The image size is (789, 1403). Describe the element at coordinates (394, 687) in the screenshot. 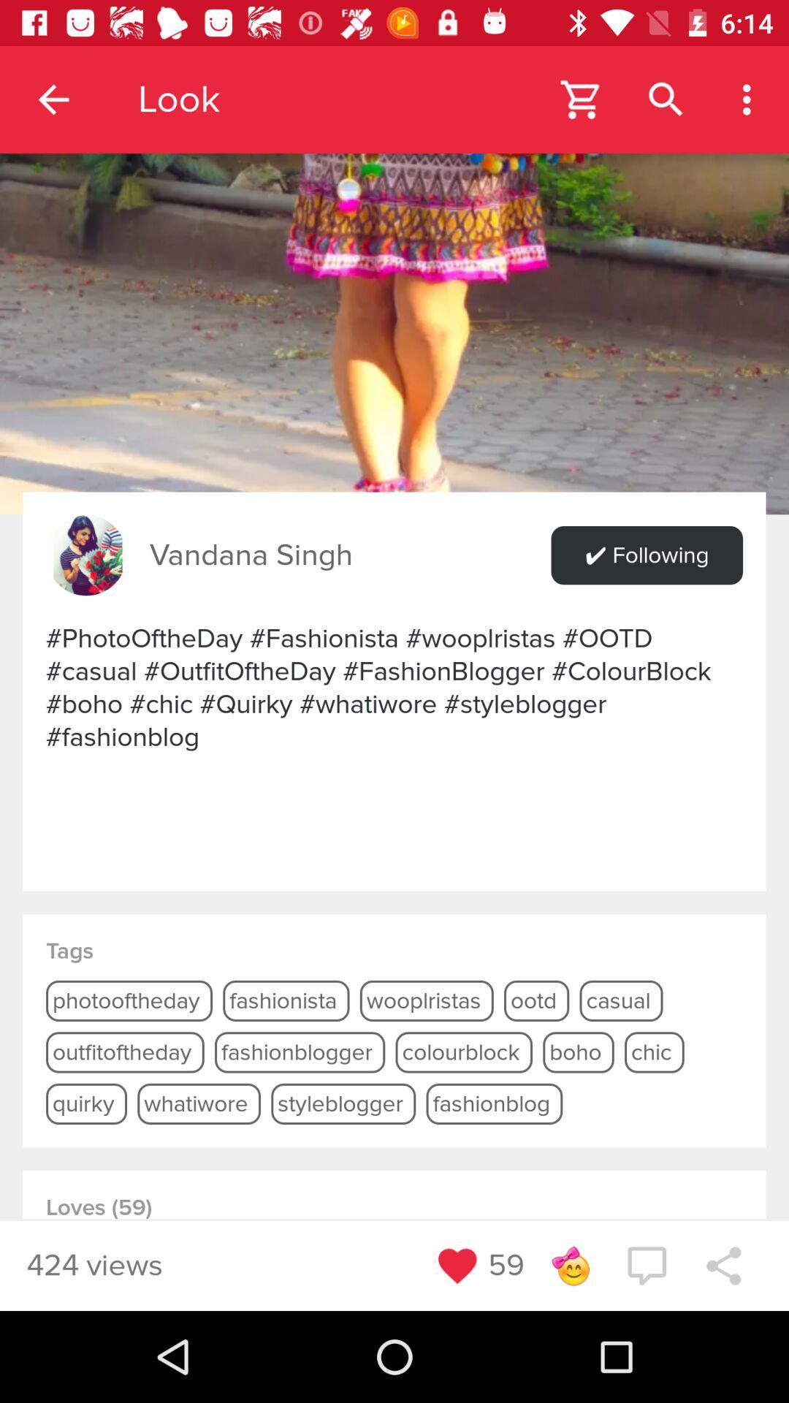

I see `icon at the center` at that location.